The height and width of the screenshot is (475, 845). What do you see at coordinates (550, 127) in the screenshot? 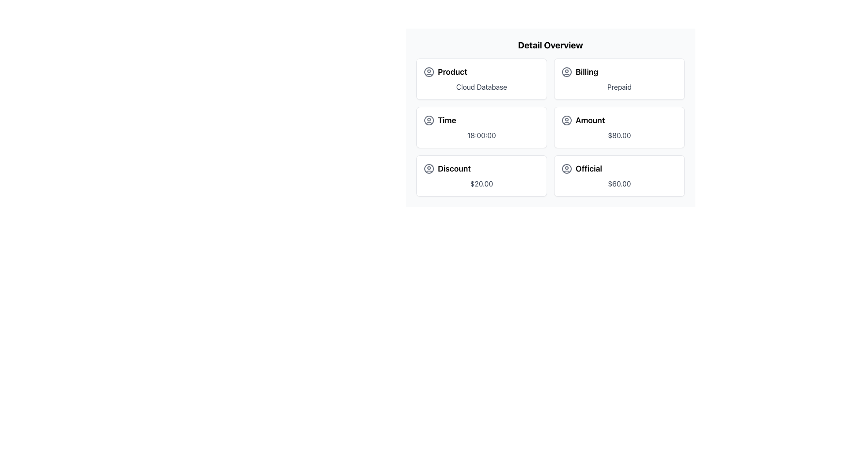
I see `data presented in the structured grid layout located below the 'Detail Overview' title` at bounding box center [550, 127].